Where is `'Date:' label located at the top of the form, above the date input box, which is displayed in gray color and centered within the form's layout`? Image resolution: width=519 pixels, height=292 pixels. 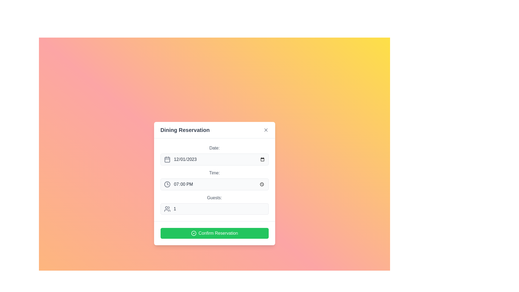 'Date:' label located at the top of the form, above the date input box, which is displayed in gray color and centered within the form's layout is located at coordinates (214, 148).